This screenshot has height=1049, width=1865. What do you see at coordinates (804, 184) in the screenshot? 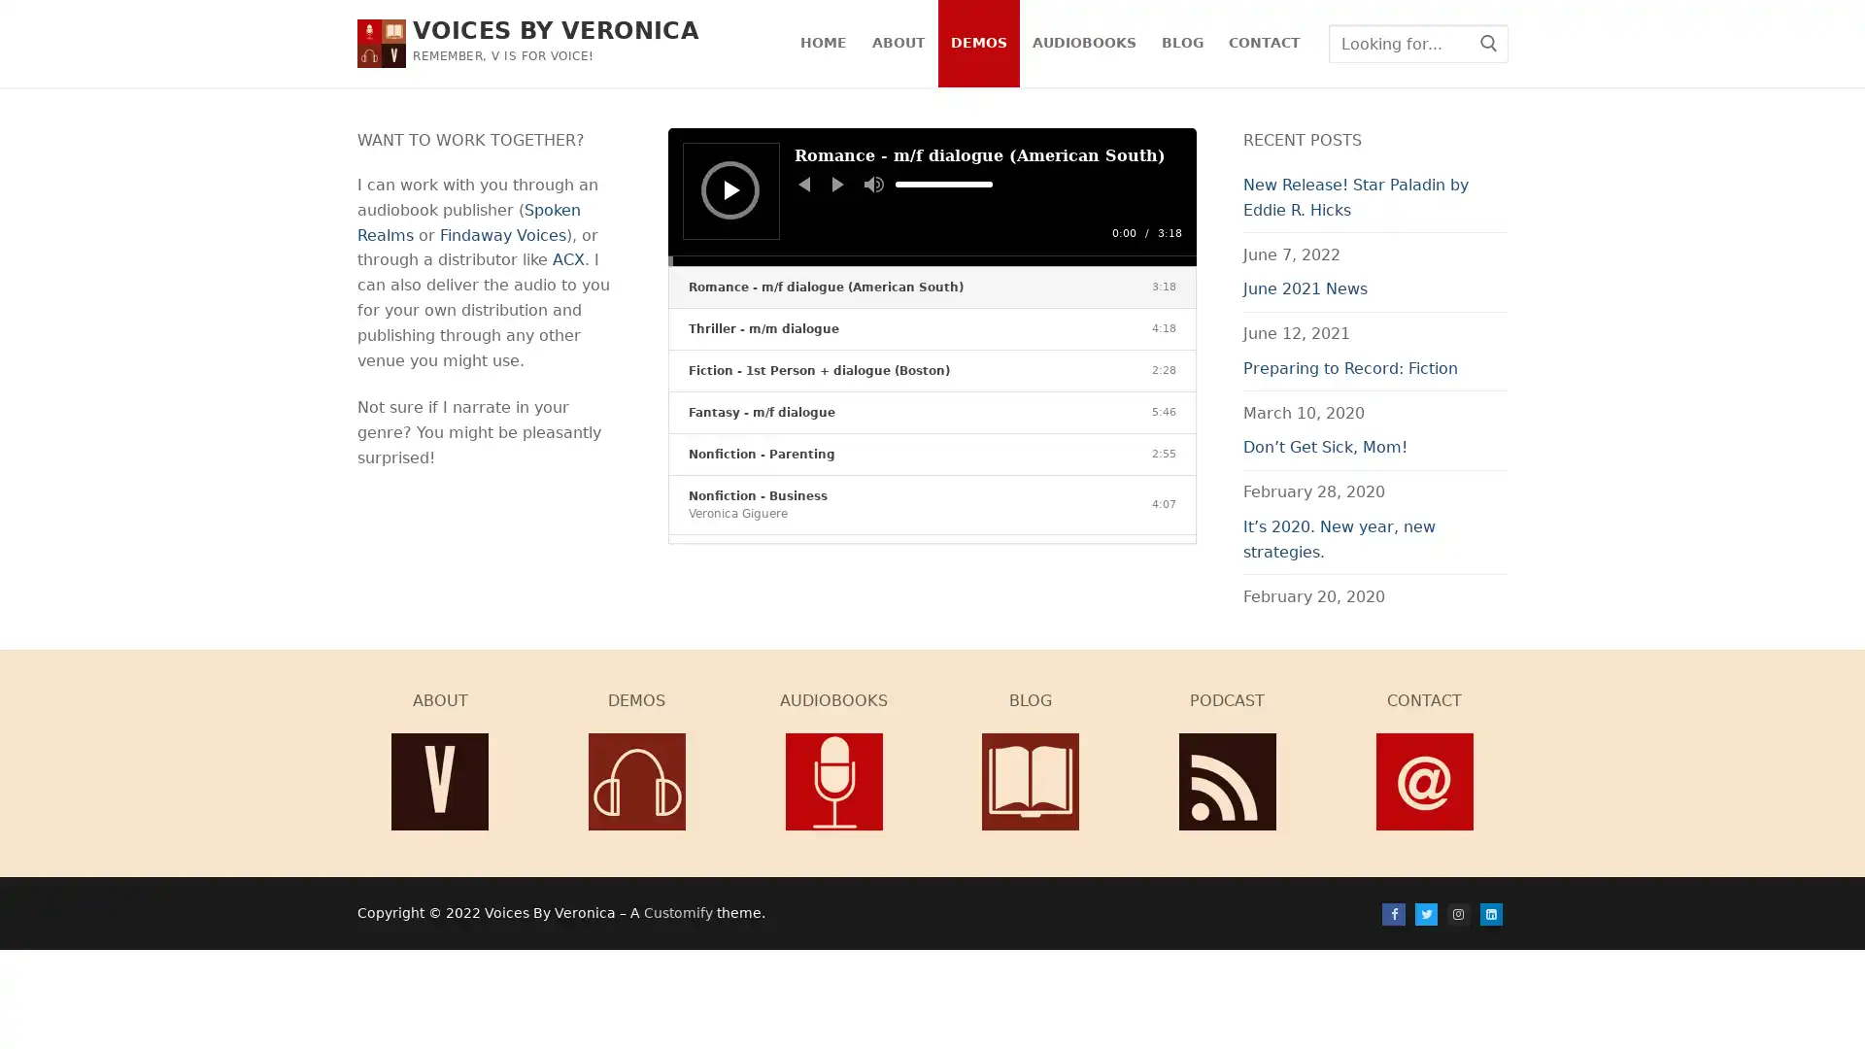
I see `Previous Track` at bounding box center [804, 184].